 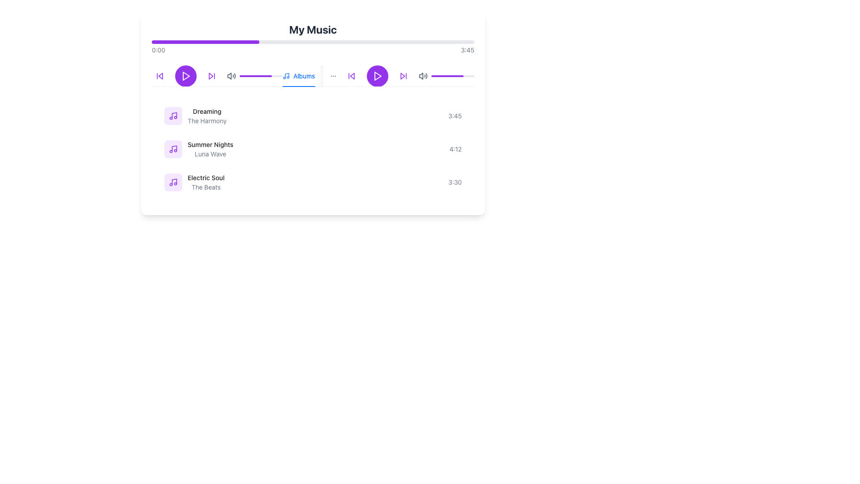 What do you see at coordinates (206, 178) in the screenshot?
I see `the song labeled 'Electric Soul' displayed in bold text at the last position` at bounding box center [206, 178].